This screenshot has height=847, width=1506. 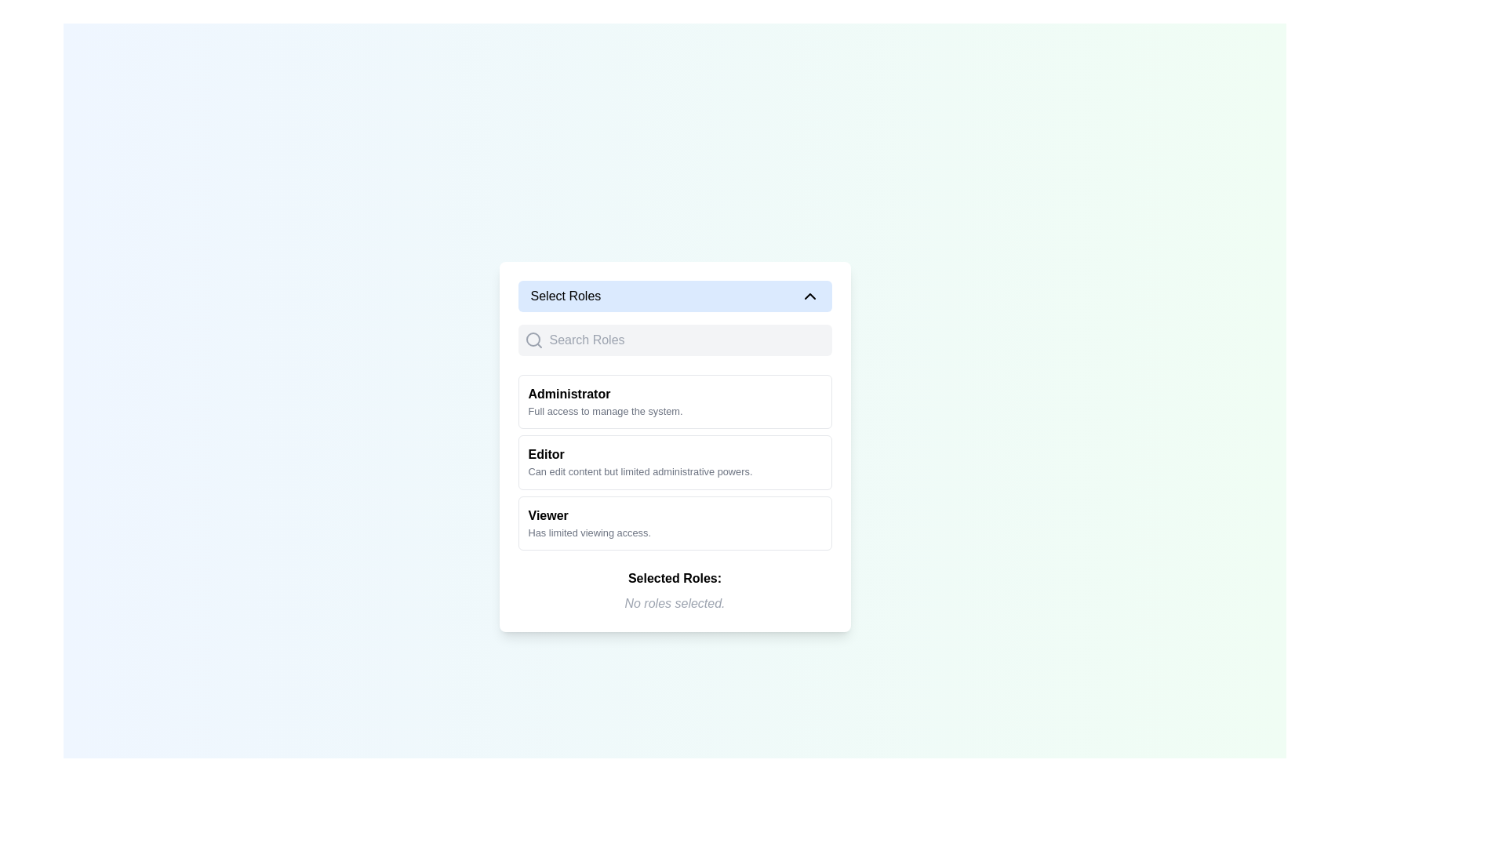 I want to click on the first selectable list item representing the 'Administrator' role in the user role selection dialog, so click(x=675, y=401).